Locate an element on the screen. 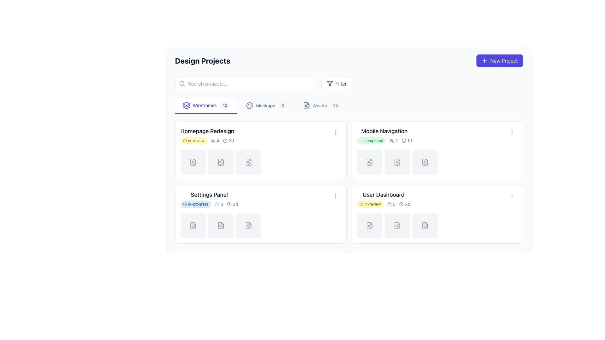 This screenshot has width=605, height=340. the Informational row displaying the 'completed' label, user icon with '2', and clock icon with '1d' in the Mobile Navigation section of the Design Projects interface is located at coordinates (384, 140).